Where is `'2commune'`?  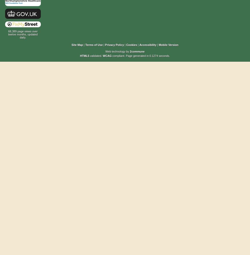
'2commune' is located at coordinates (137, 51).